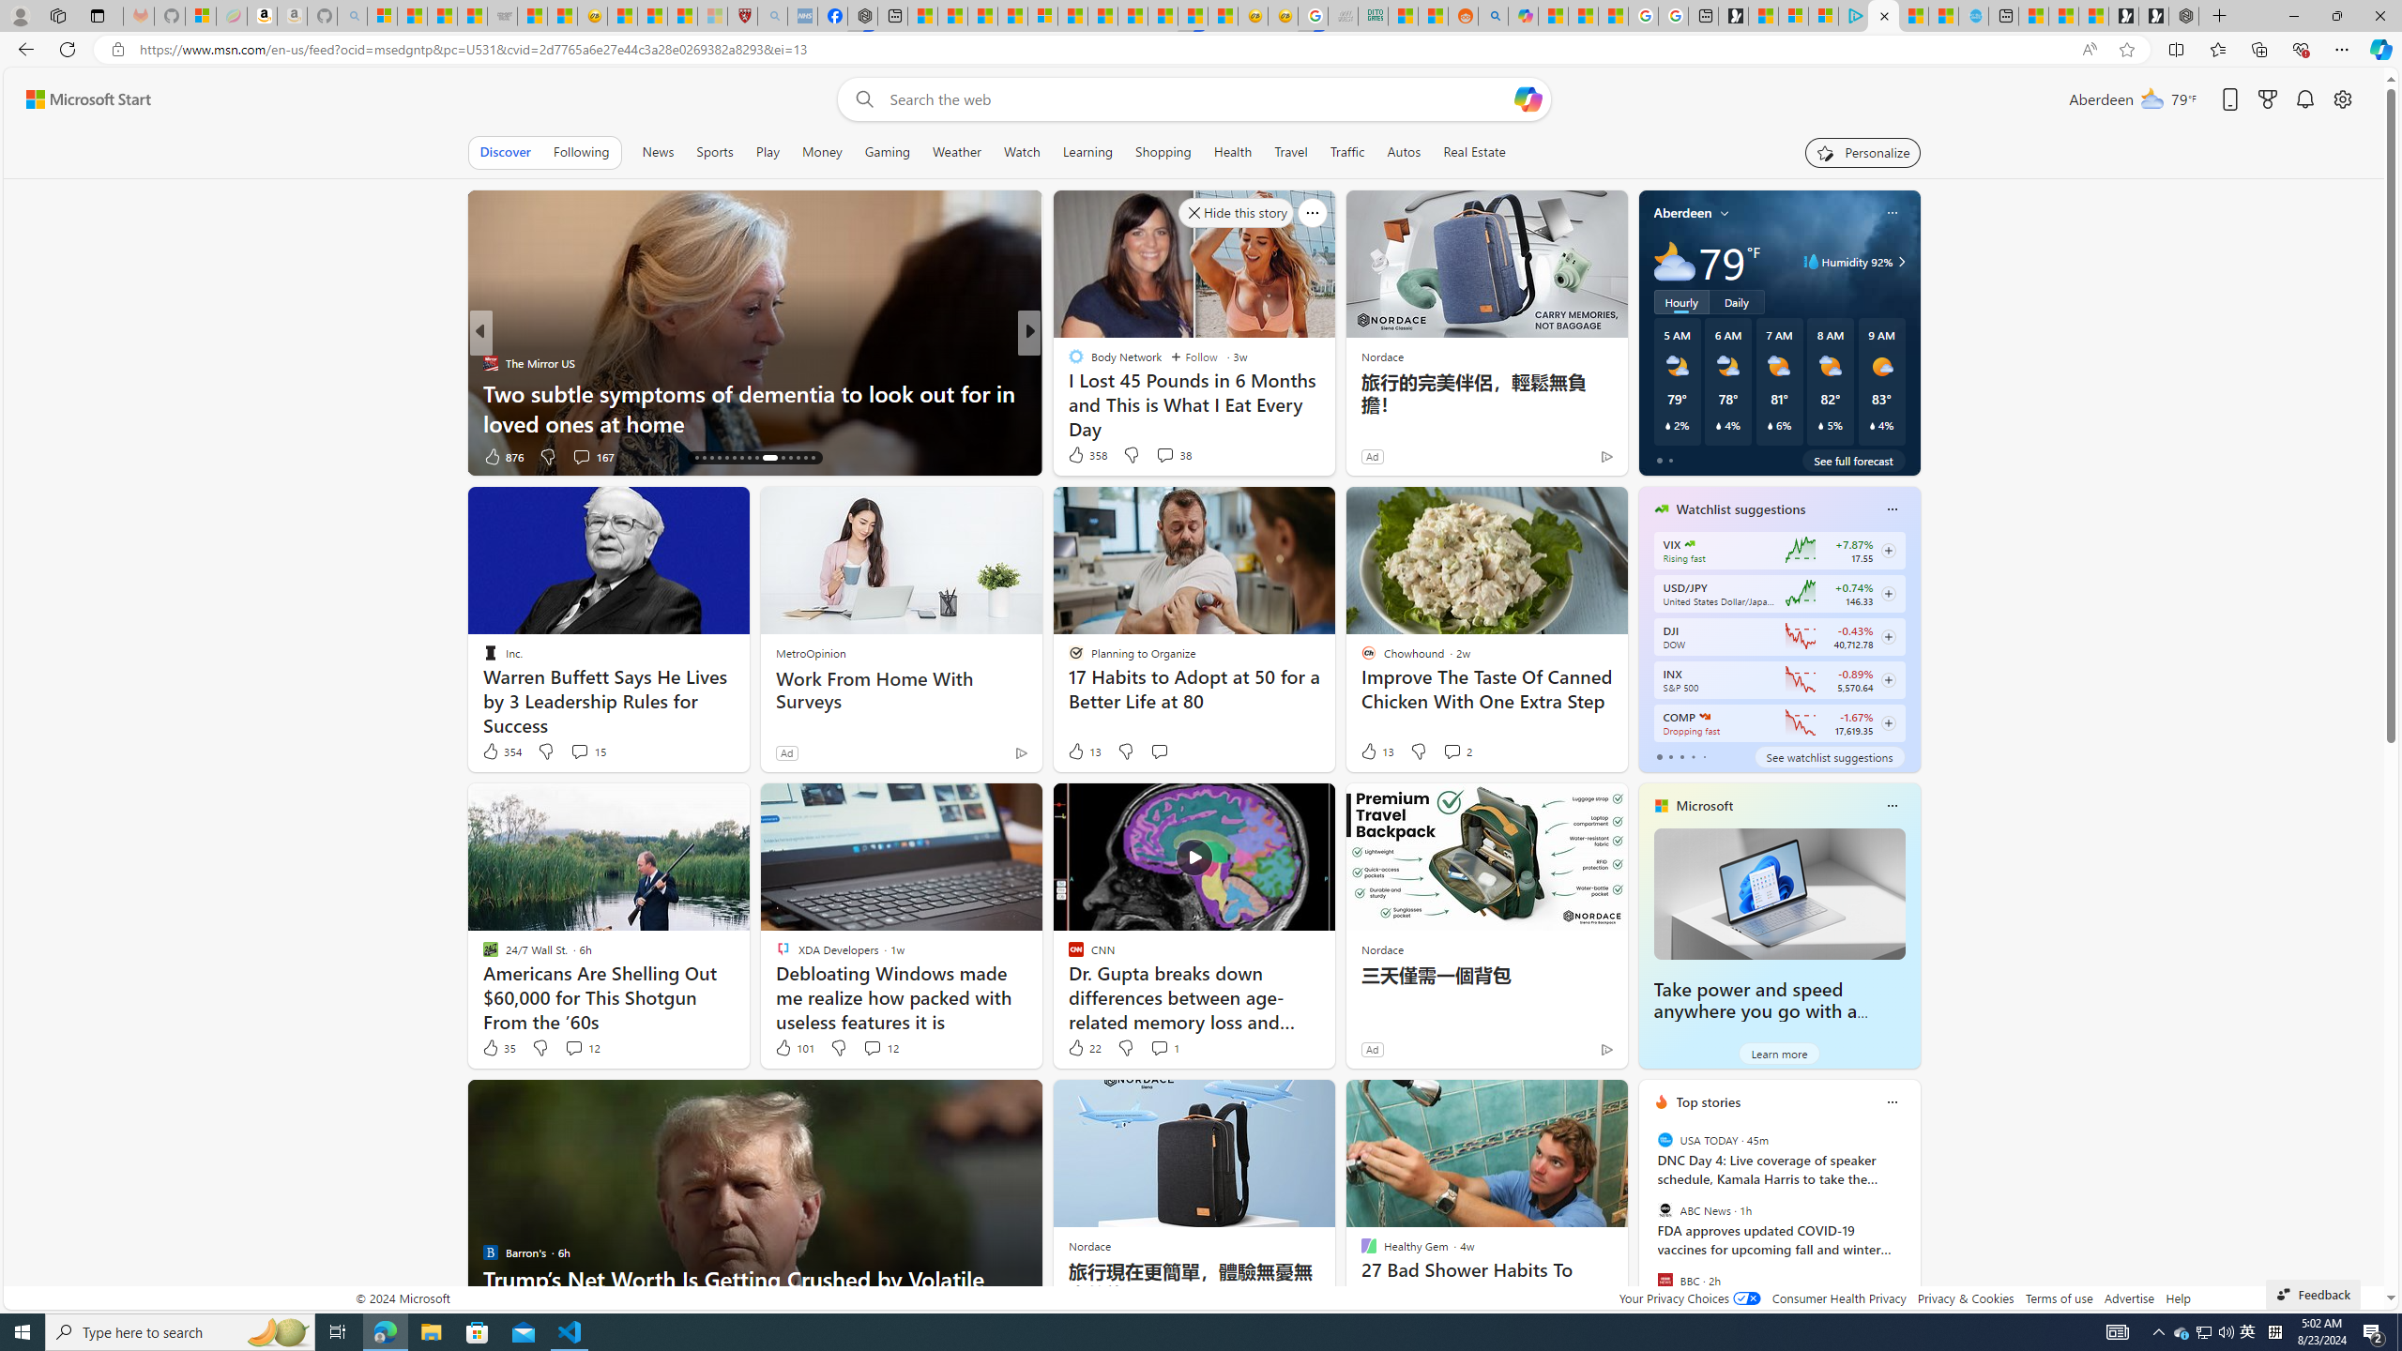  Describe the element at coordinates (87, 99) in the screenshot. I see `'Microsoft Start'` at that location.